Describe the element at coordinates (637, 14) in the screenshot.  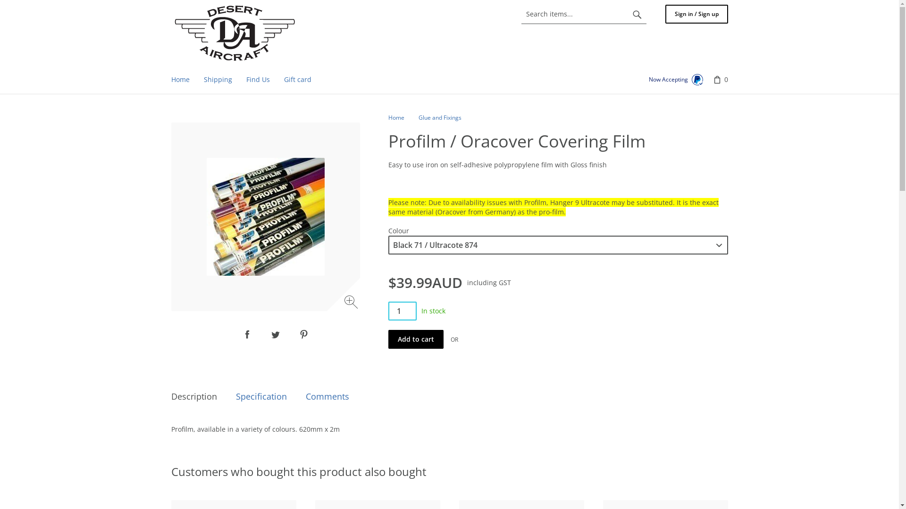
I see `'Search'` at that location.